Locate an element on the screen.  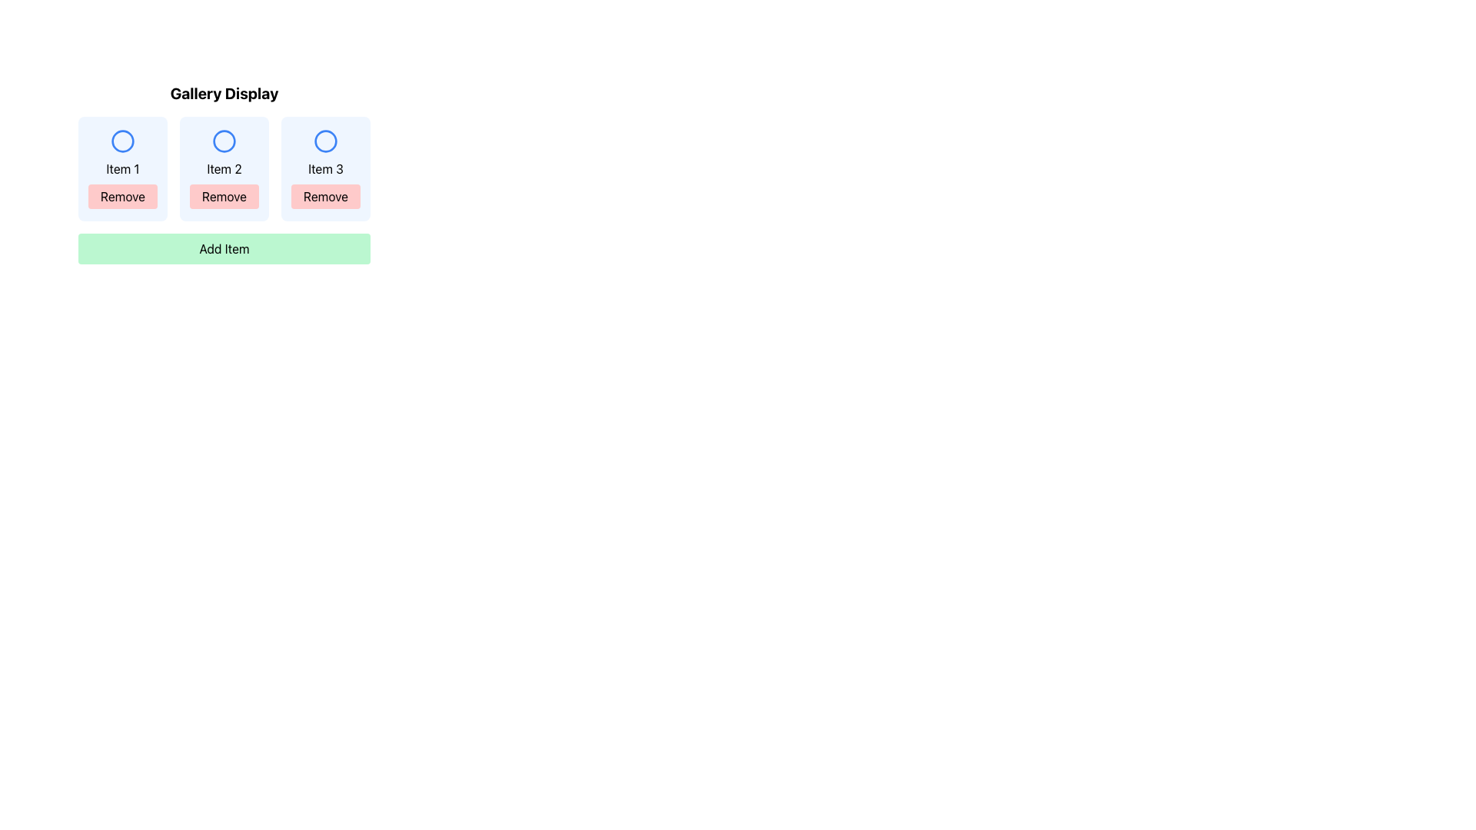
the text label displaying 'Item 3', which is located beneath a circular icon and above a button labeled 'Remove' in the third column of a card-like layout is located at coordinates (324, 168).